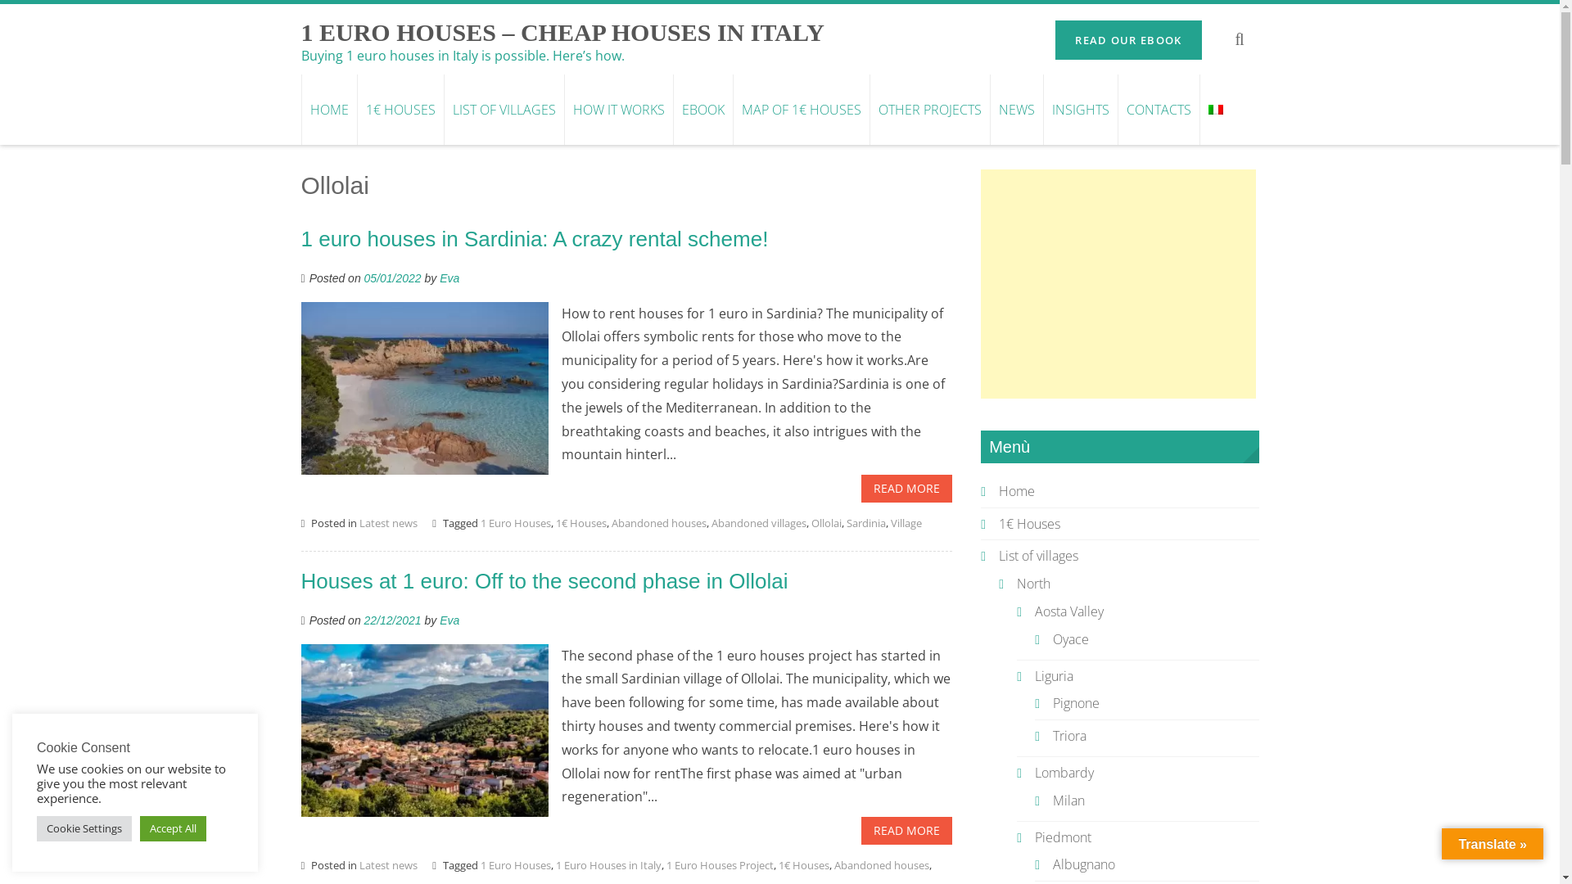 The image size is (1572, 884). What do you see at coordinates (1033, 837) in the screenshot?
I see `'Piedmont'` at bounding box center [1033, 837].